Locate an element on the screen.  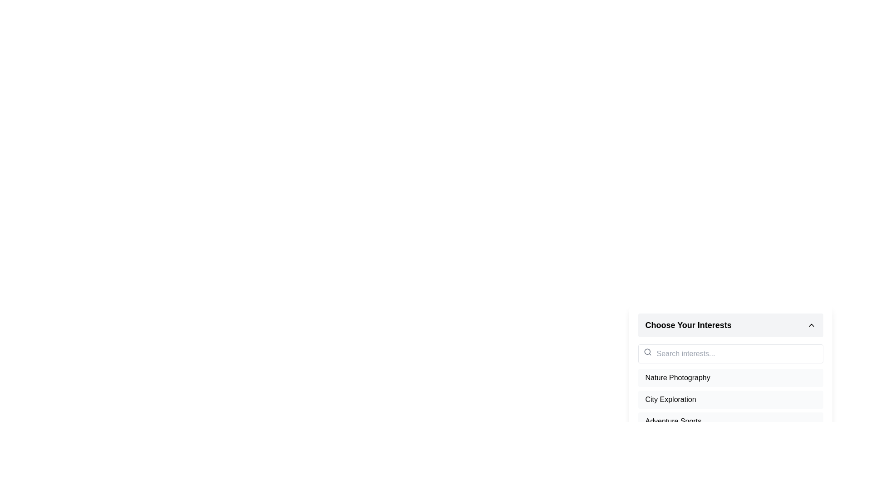
the list item labeled 'Adventure Sports', which is the third item in the selectable options under 'Choose Your Interests' is located at coordinates (673, 421).